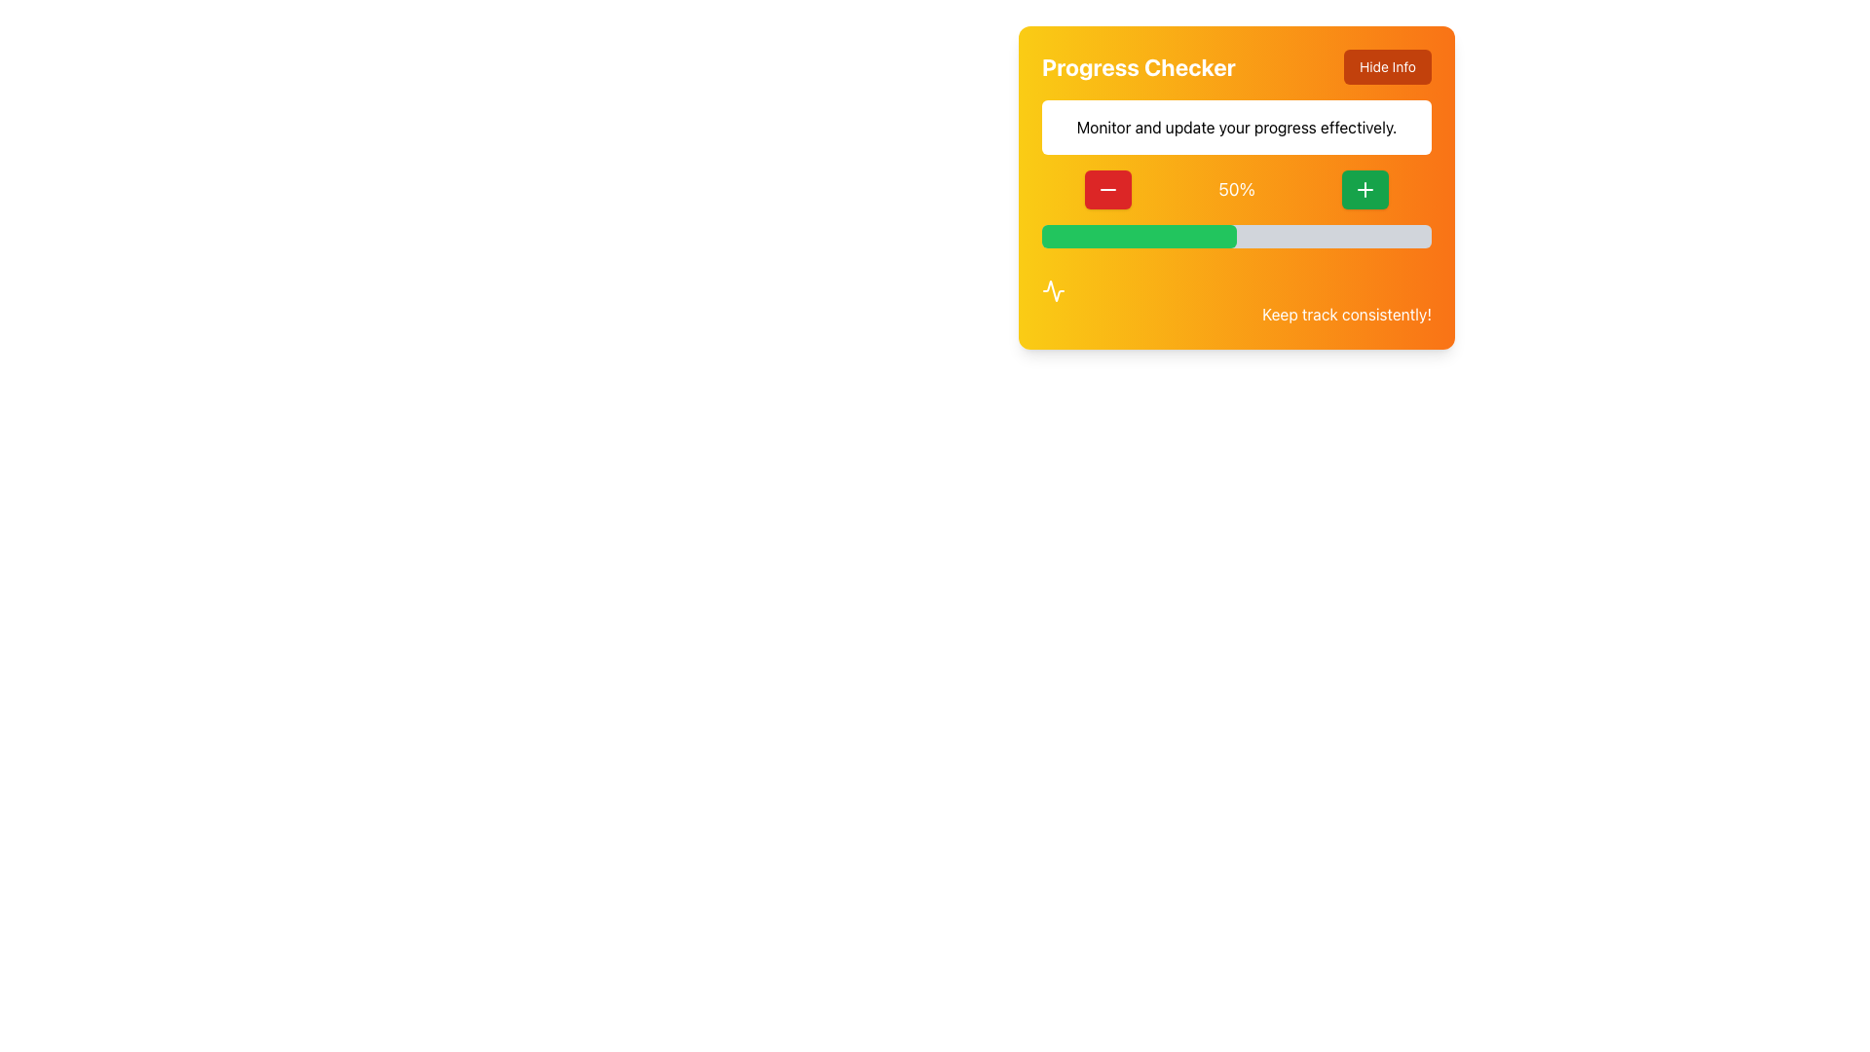  Describe the element at coordinates (1364, 190) in the screenshot. I see `the green rectangular button with rounded corners that contains a white plus symbol, located on the right side of the horizontal layout` at that location.